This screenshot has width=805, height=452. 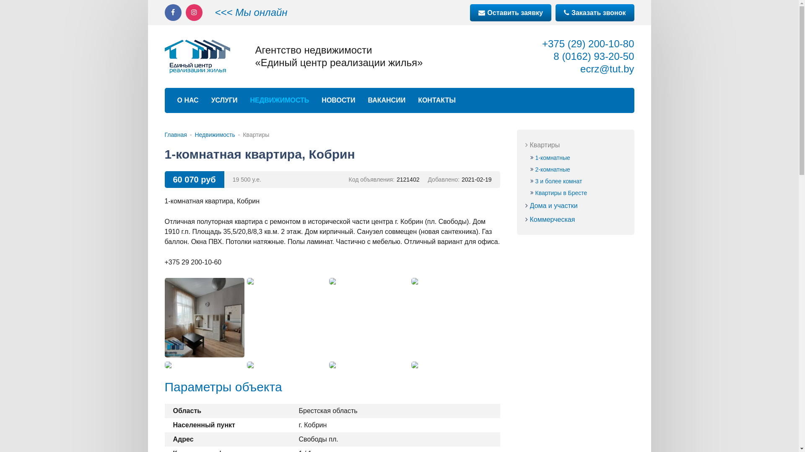 I want to click on '+375 (29) 200-10-80', so click(x=587, y=44).